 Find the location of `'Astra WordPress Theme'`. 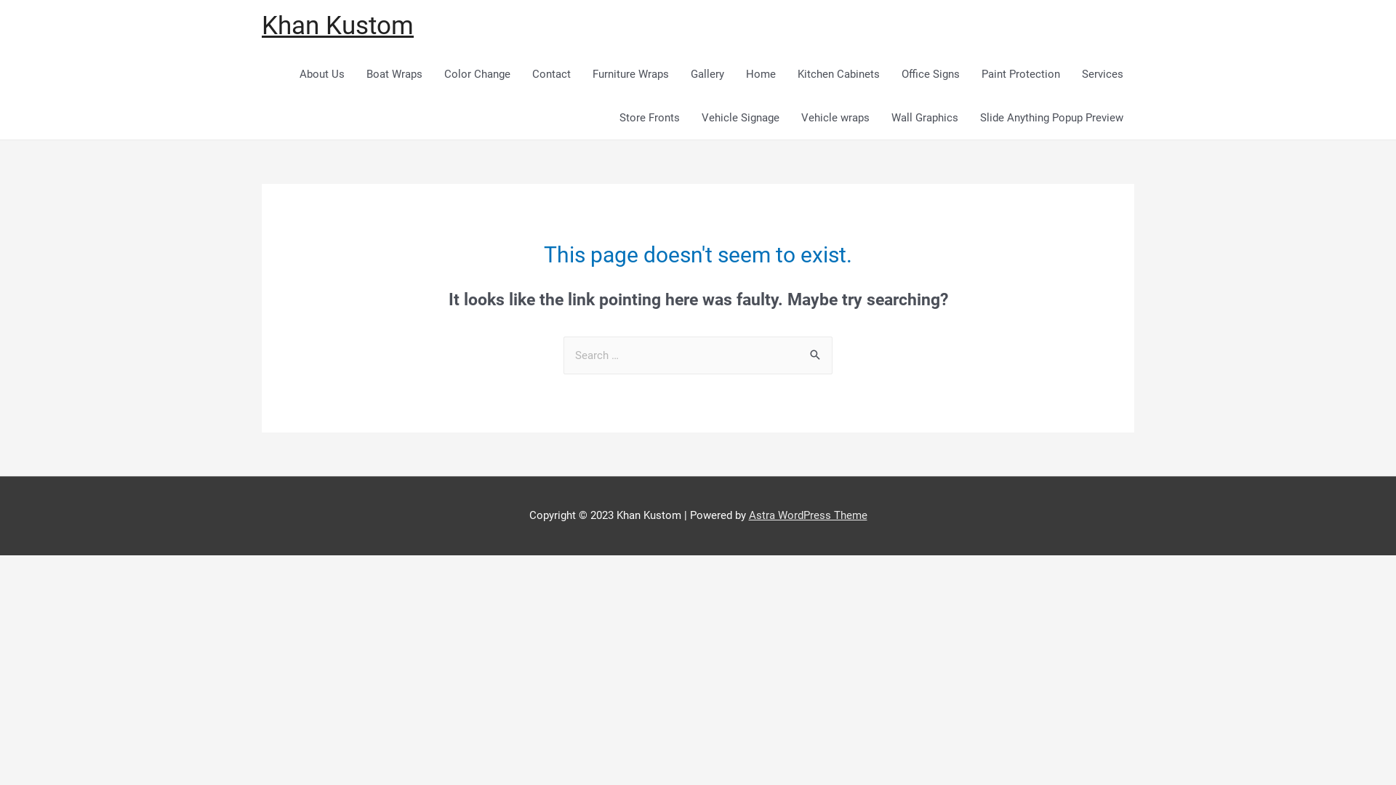

'Astra WordPress Theme' is located at coordinates (807, 515).